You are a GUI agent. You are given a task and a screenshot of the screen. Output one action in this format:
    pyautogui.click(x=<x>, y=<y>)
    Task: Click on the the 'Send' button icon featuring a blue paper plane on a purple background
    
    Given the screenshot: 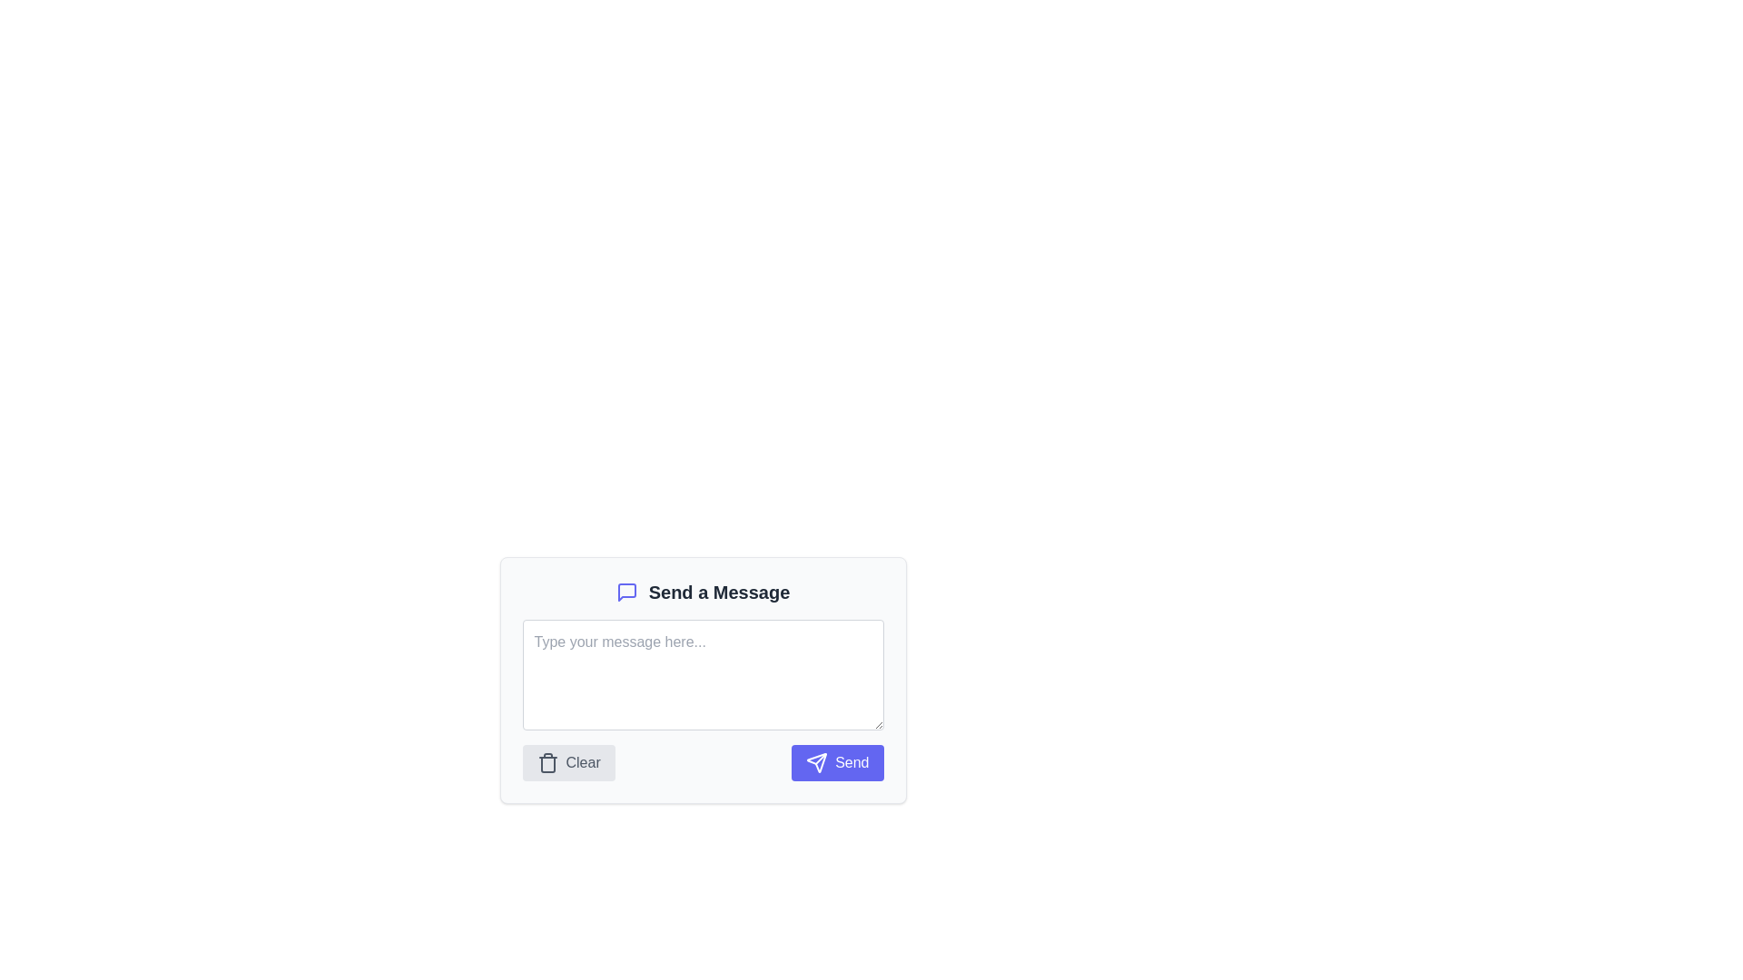 What is the action you would take?
    pyautogui.click(x=816, y=762)
    